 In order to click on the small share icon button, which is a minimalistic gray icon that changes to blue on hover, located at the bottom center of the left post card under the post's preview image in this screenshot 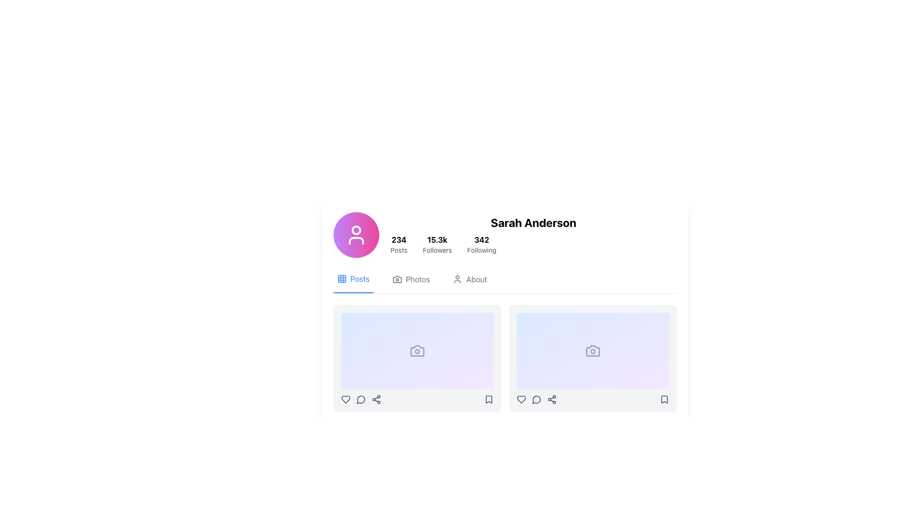, I will do `click(375, 399)`.